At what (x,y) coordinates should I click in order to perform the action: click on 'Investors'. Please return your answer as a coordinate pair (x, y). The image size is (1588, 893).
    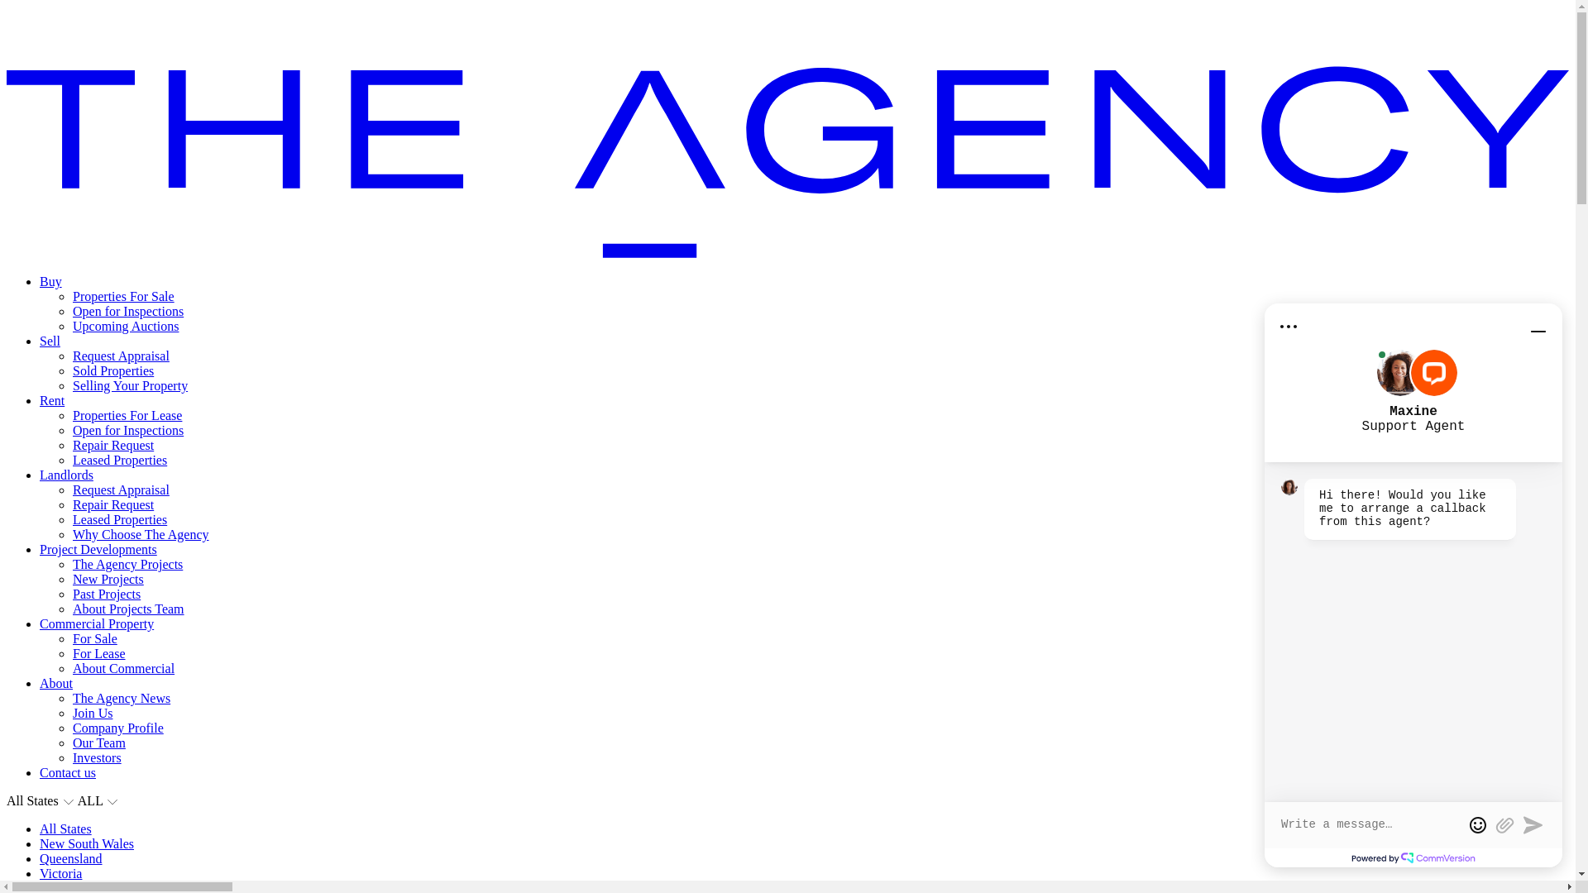
    Looking at the image, I should click on (96, 757).